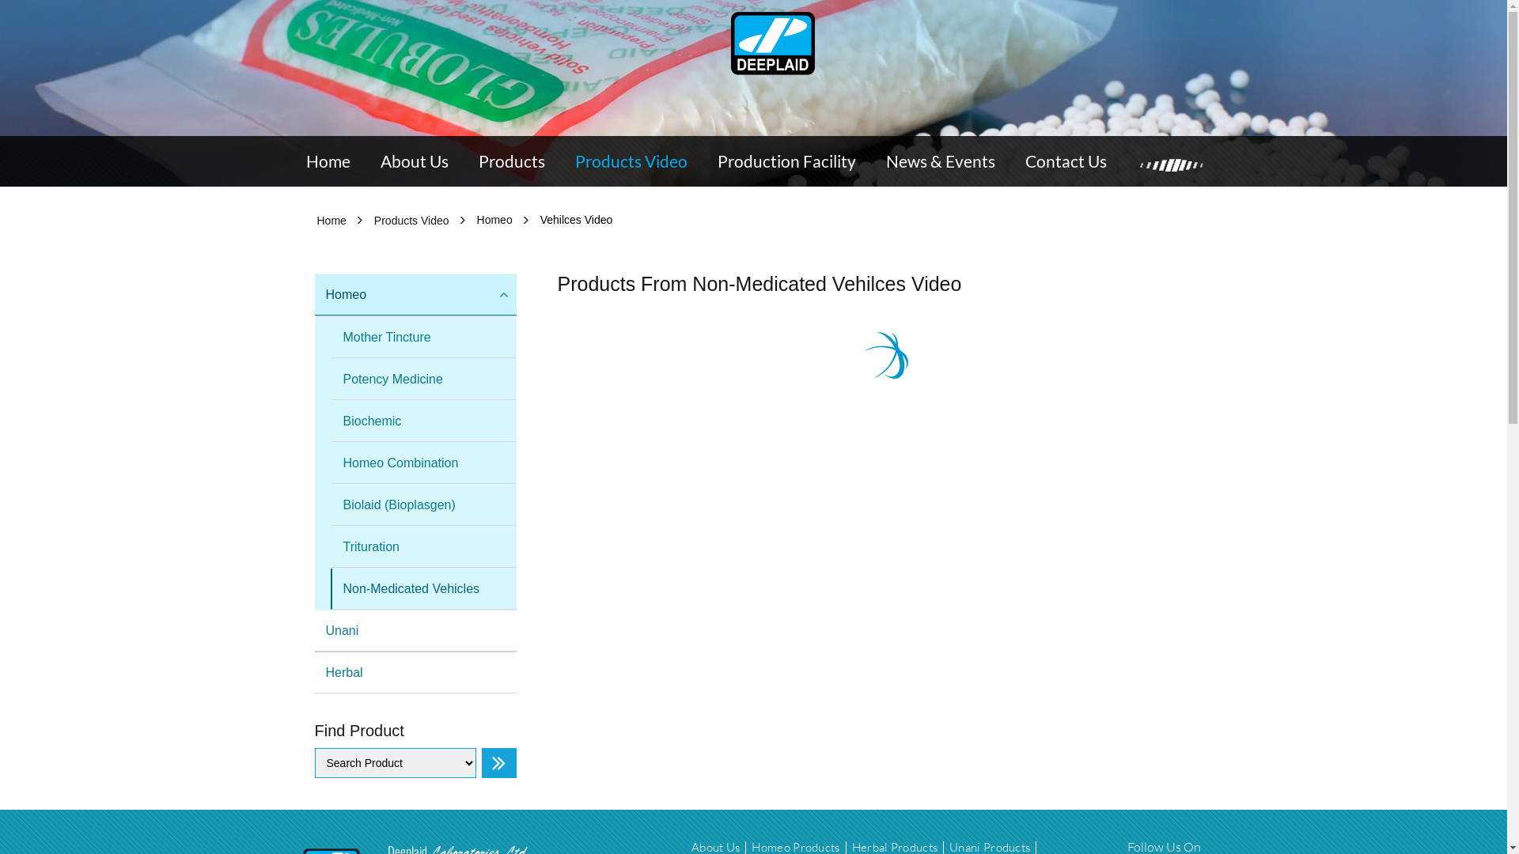 Image resolution: width=1519 pixels, height=854 pixels. Describe the element at coordinates (786, 161) in the screenshot. I see `'Production Facility'` at that location.